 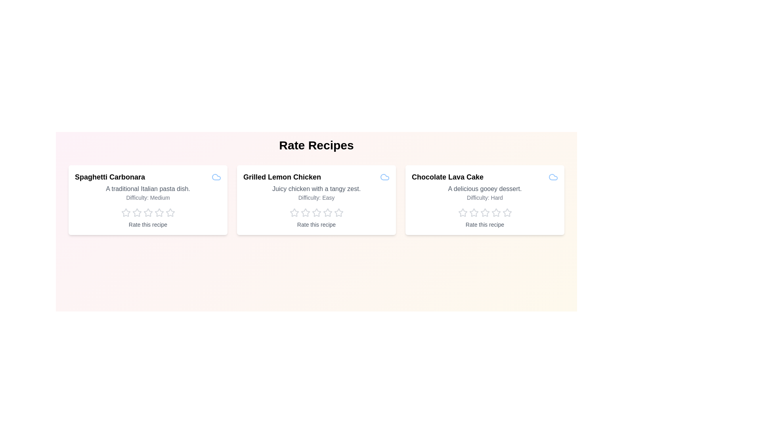 I want to click on the recipe card for Spaghetti Carbonara, so click(x=148, y=200).